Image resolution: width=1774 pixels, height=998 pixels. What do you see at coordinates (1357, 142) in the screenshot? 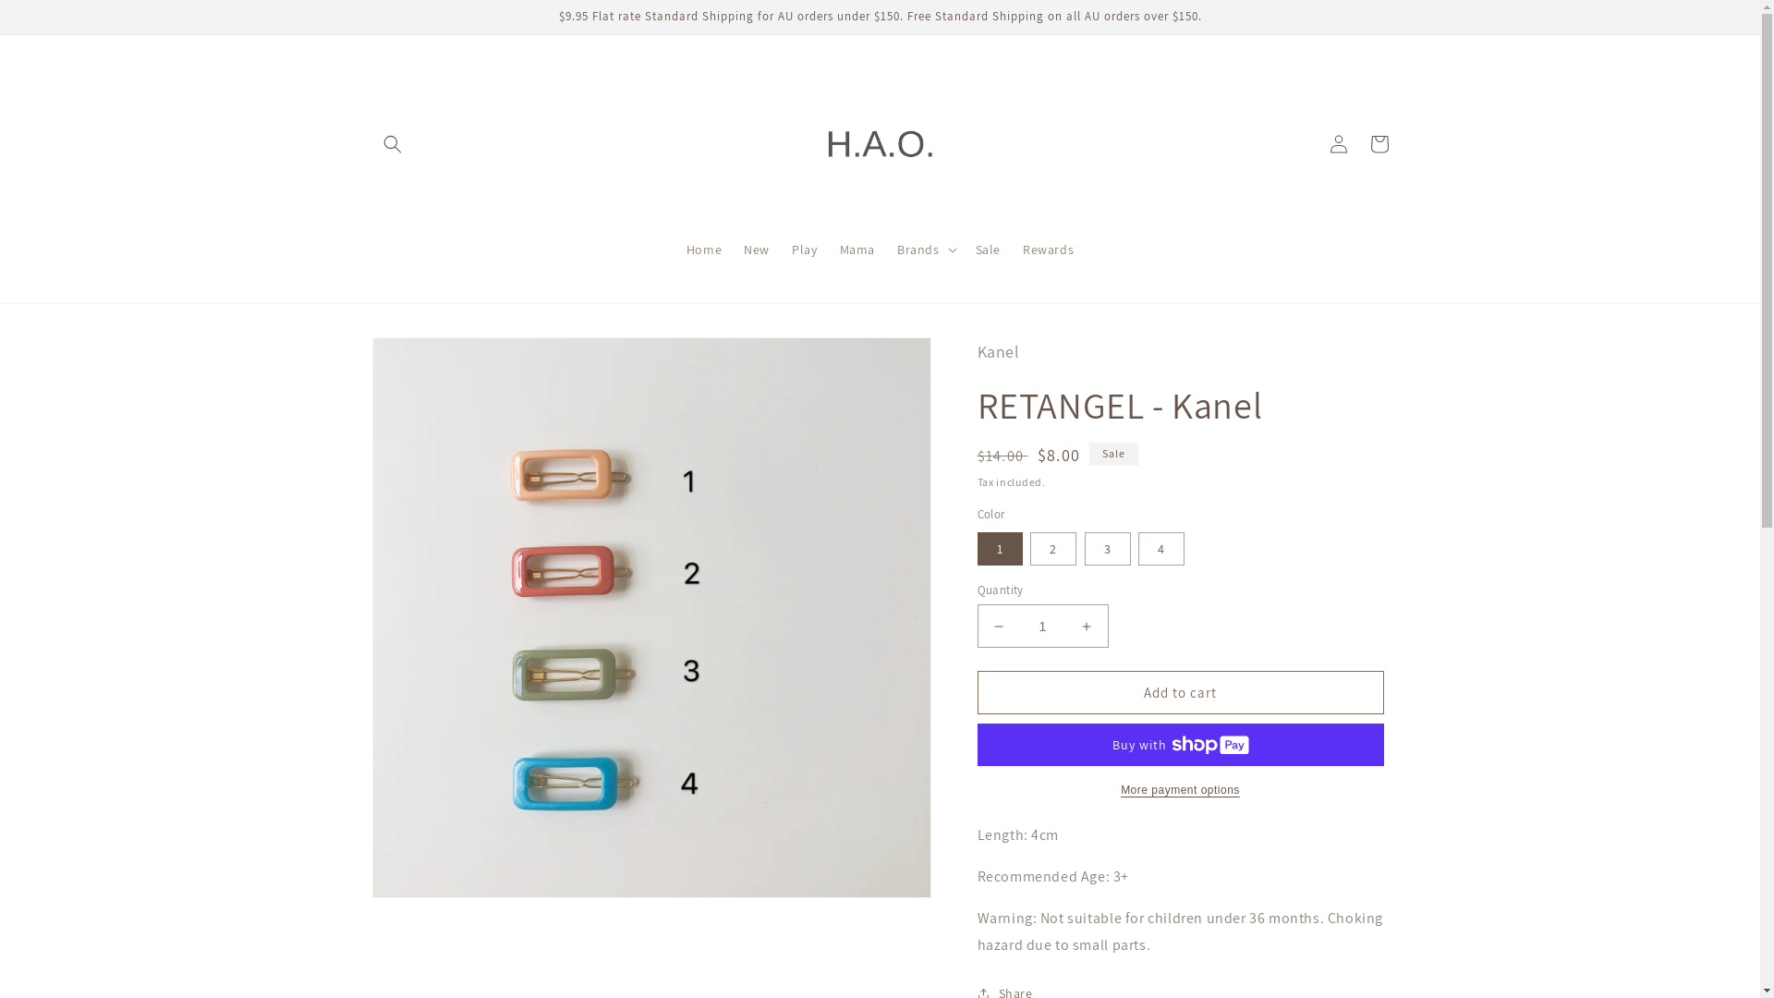
I see `'Cart'` at bounding box center [1357, 142].